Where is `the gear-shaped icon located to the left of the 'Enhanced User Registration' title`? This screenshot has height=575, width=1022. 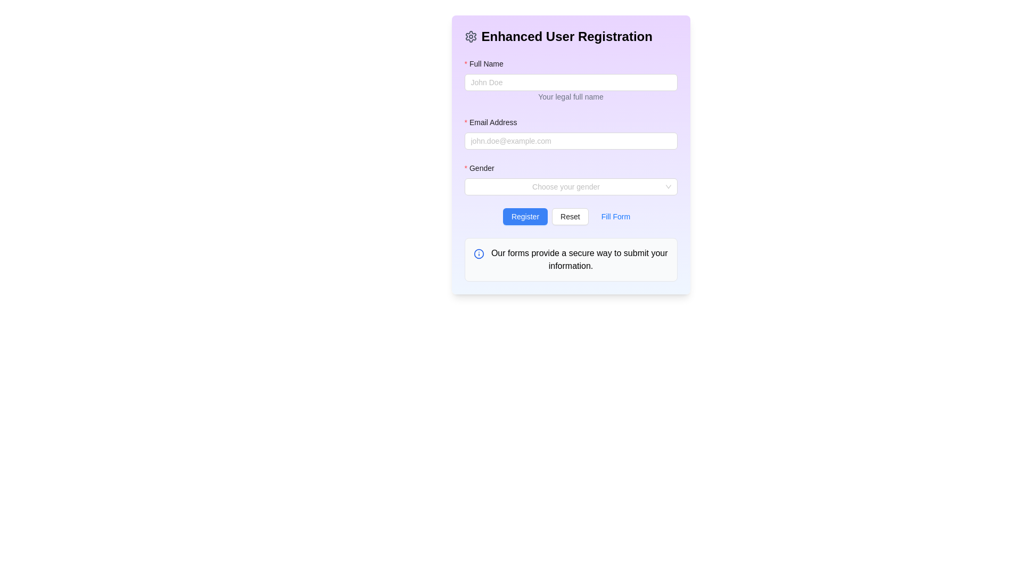 the gear-shaped icon located to the left of the 'Enhanced User Registration' title is located at coordinates (470, 36).